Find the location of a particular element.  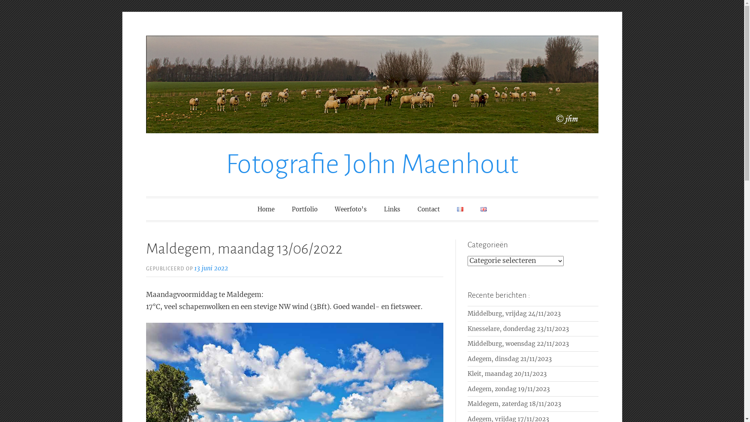

'Maldegem, zaterdag 18/11/2023' is located at coordinates (514, 404).